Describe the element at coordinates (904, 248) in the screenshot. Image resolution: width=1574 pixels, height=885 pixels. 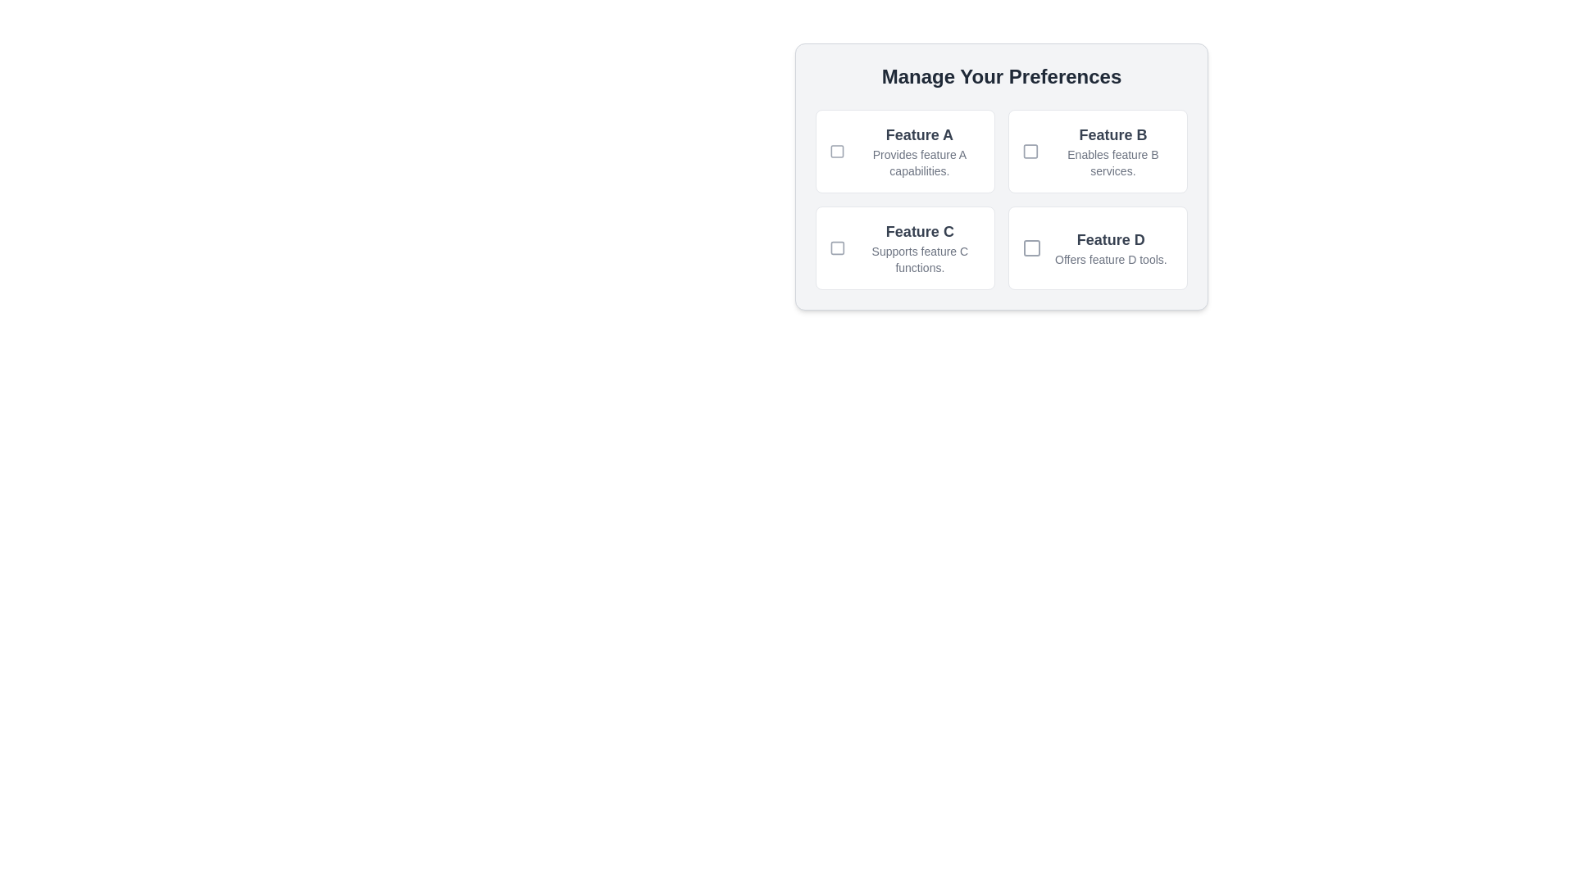
I see `the selectable card with a checkbox that features 'Feature C' and its description, positioned in the second row and first column of the grid layout` at that location.